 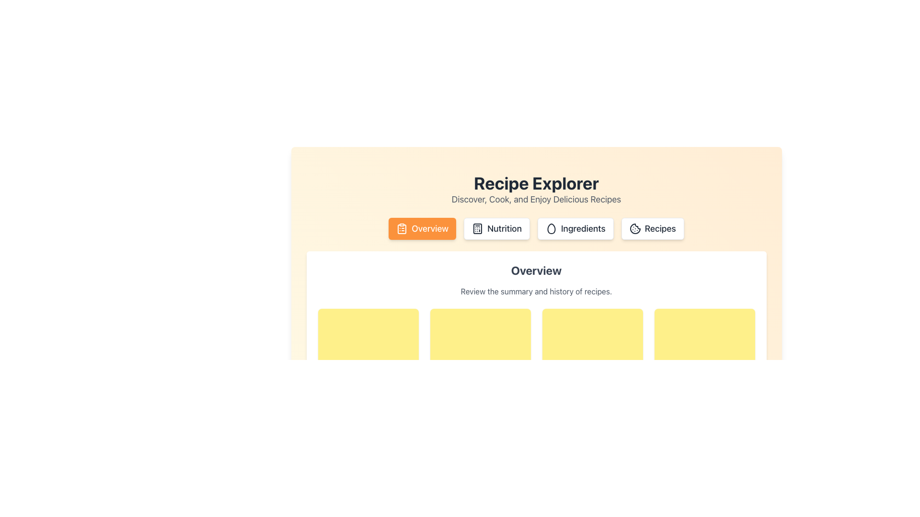 What do you see at coordinates (536, 190) in the screenshot?
I see `the Text Block element that serves as the heading and introduction for the section, located near the top center of the page, above the navigation buttons` at bounding box center [536, 190].